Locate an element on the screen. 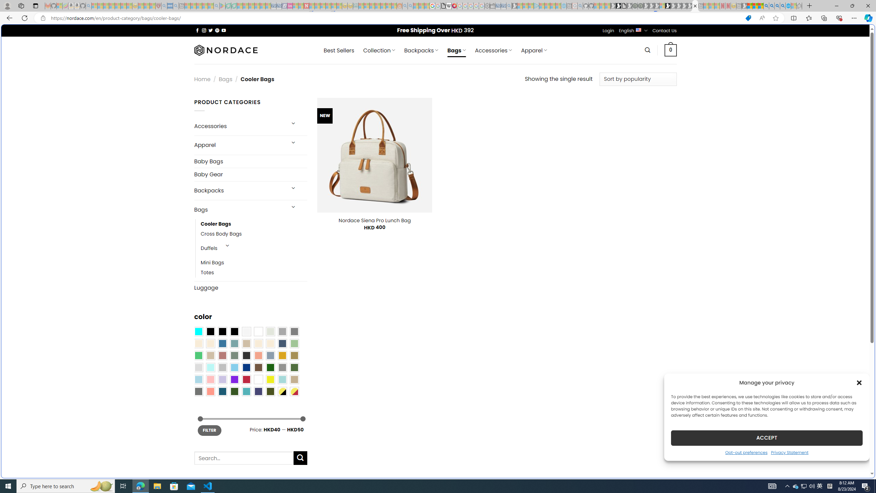 The image size is (876, 493). 'Caramel' is located at coordinates (258, 343).